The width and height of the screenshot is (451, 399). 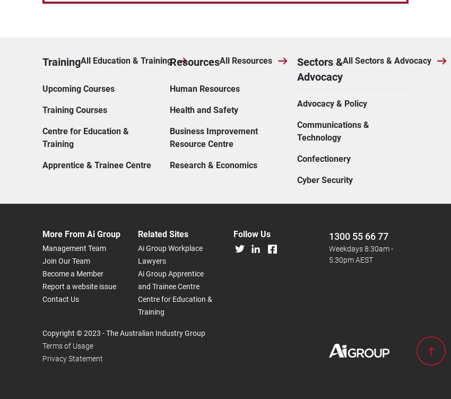 What do you see at coordinates (79, 167) in the screenshot?
I see `'Report a website issue'` at bounding box center [79, 167].